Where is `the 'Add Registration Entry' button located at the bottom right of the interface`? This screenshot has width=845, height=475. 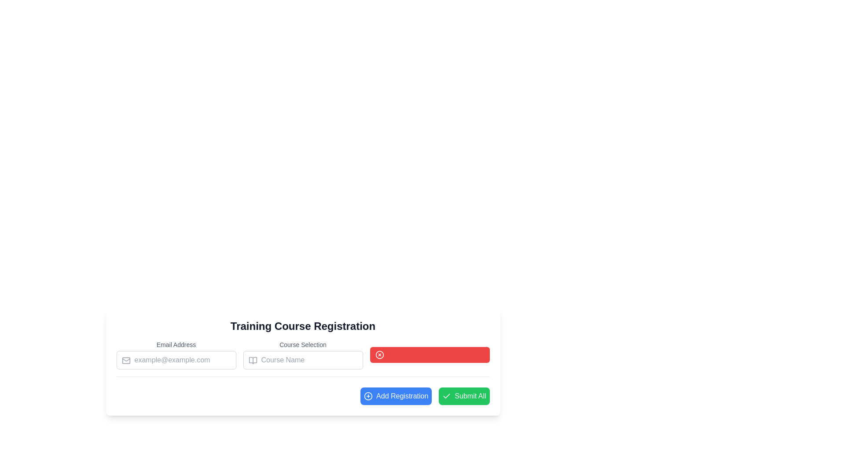
the 'Add Registration Entry' button located at the bottom right of the interface is located at coordinates (396, 396).